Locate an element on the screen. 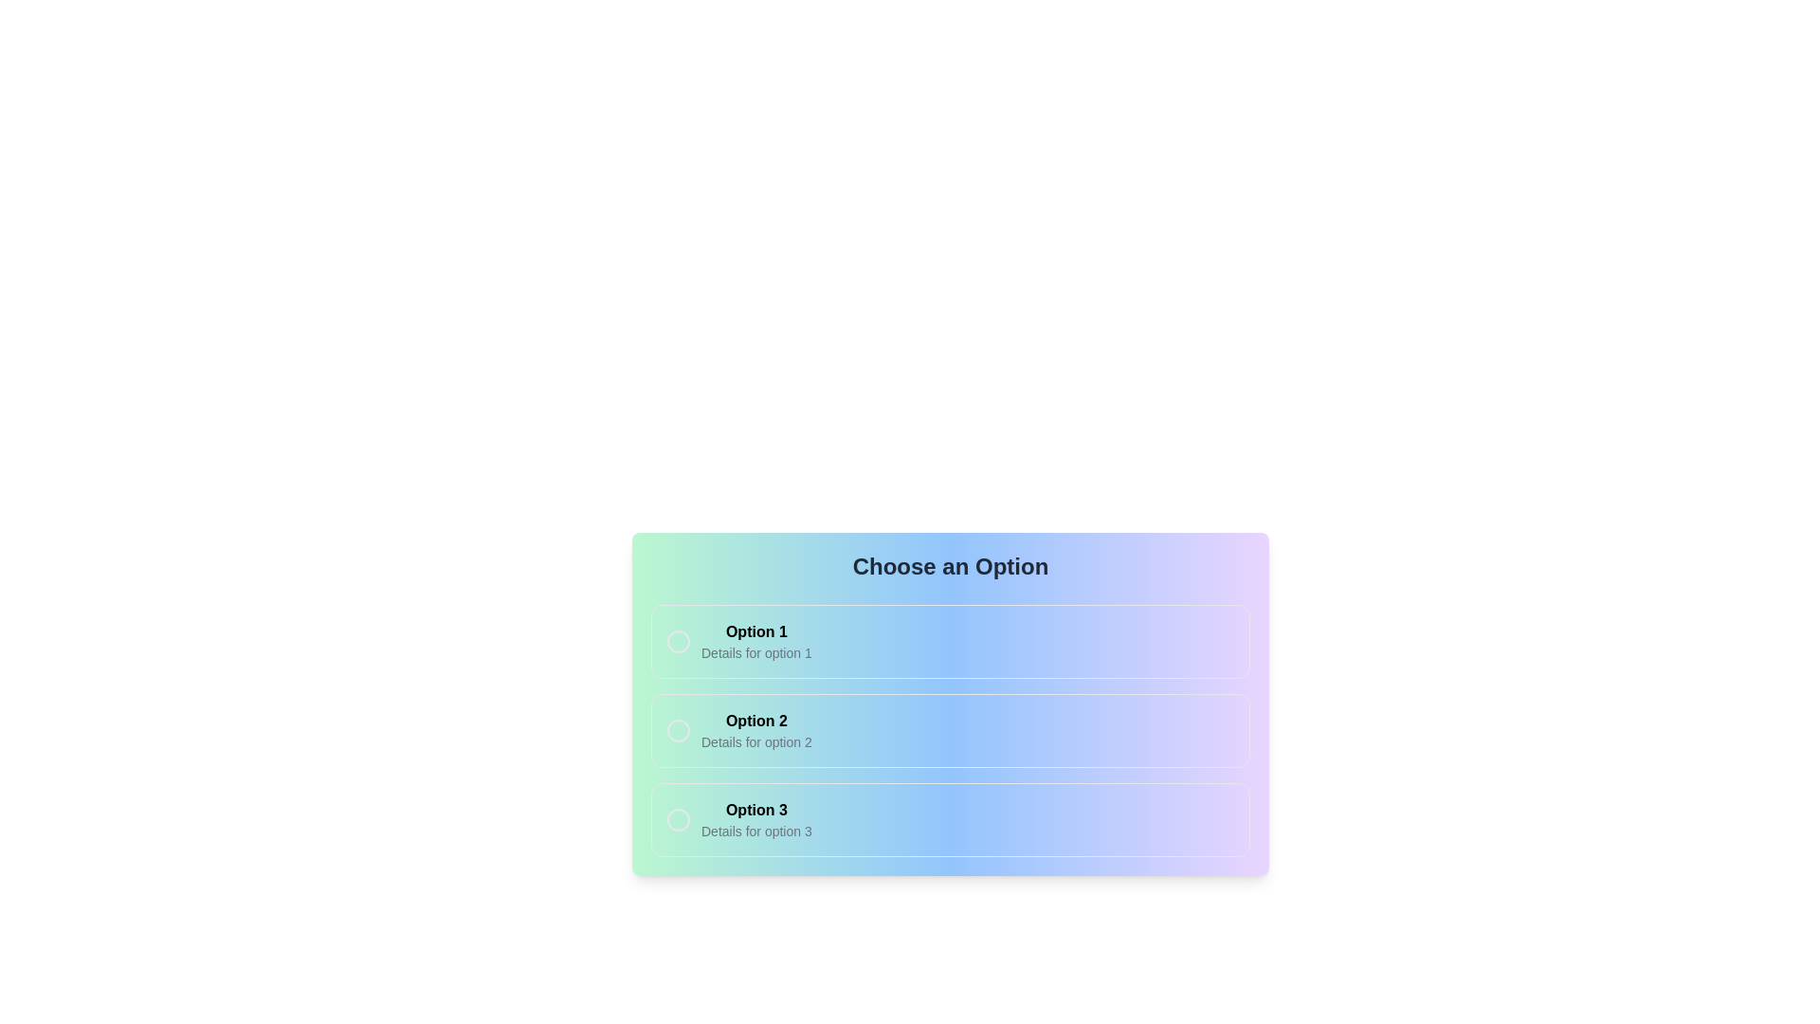 The image size is (1820, 1024). the informational label that reads 'Details for option 1,' which is styled with a smaller font size and gray color, located directly beneath the primary label 'Option 1.' is located at coordinates (755, 652).